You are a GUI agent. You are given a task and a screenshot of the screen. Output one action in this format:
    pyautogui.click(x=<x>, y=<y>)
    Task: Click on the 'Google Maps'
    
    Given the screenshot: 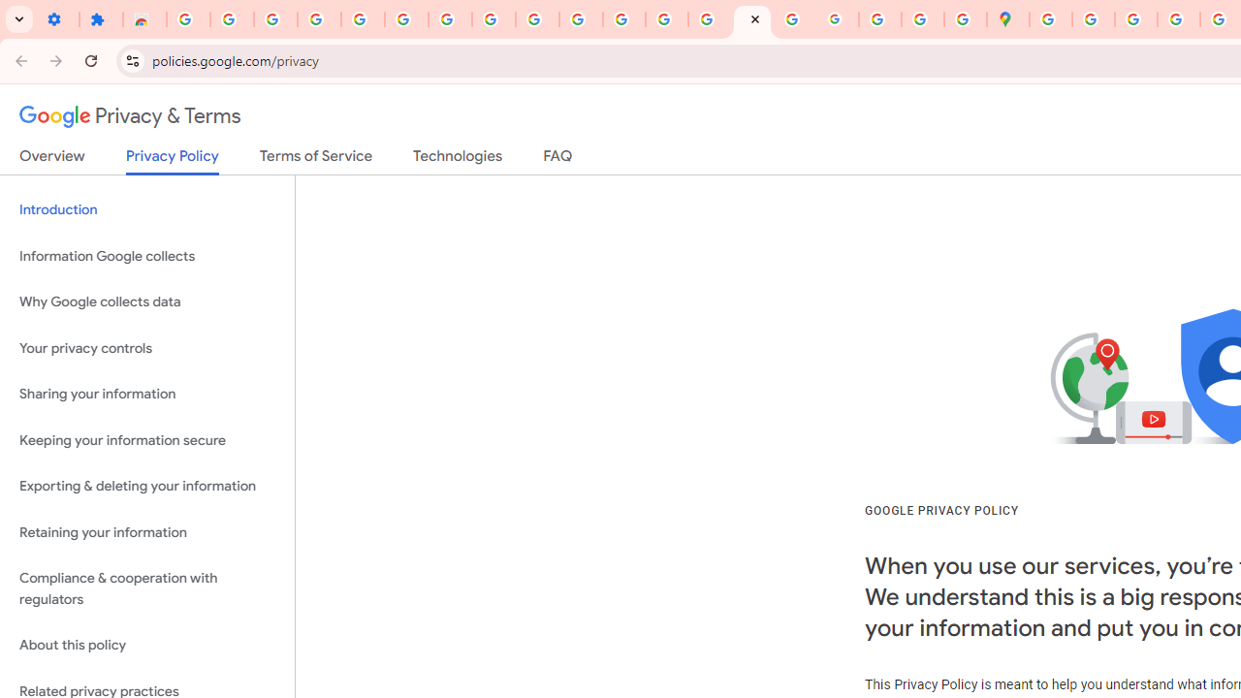 What is the action you would take?
    pyautogui.click(x=1008, y=19)
    